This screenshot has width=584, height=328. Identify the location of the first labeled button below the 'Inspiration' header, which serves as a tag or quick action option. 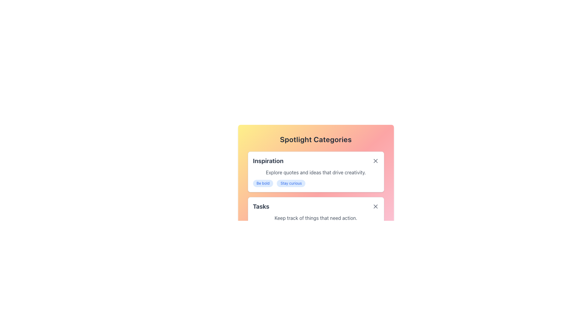
(263, 183).